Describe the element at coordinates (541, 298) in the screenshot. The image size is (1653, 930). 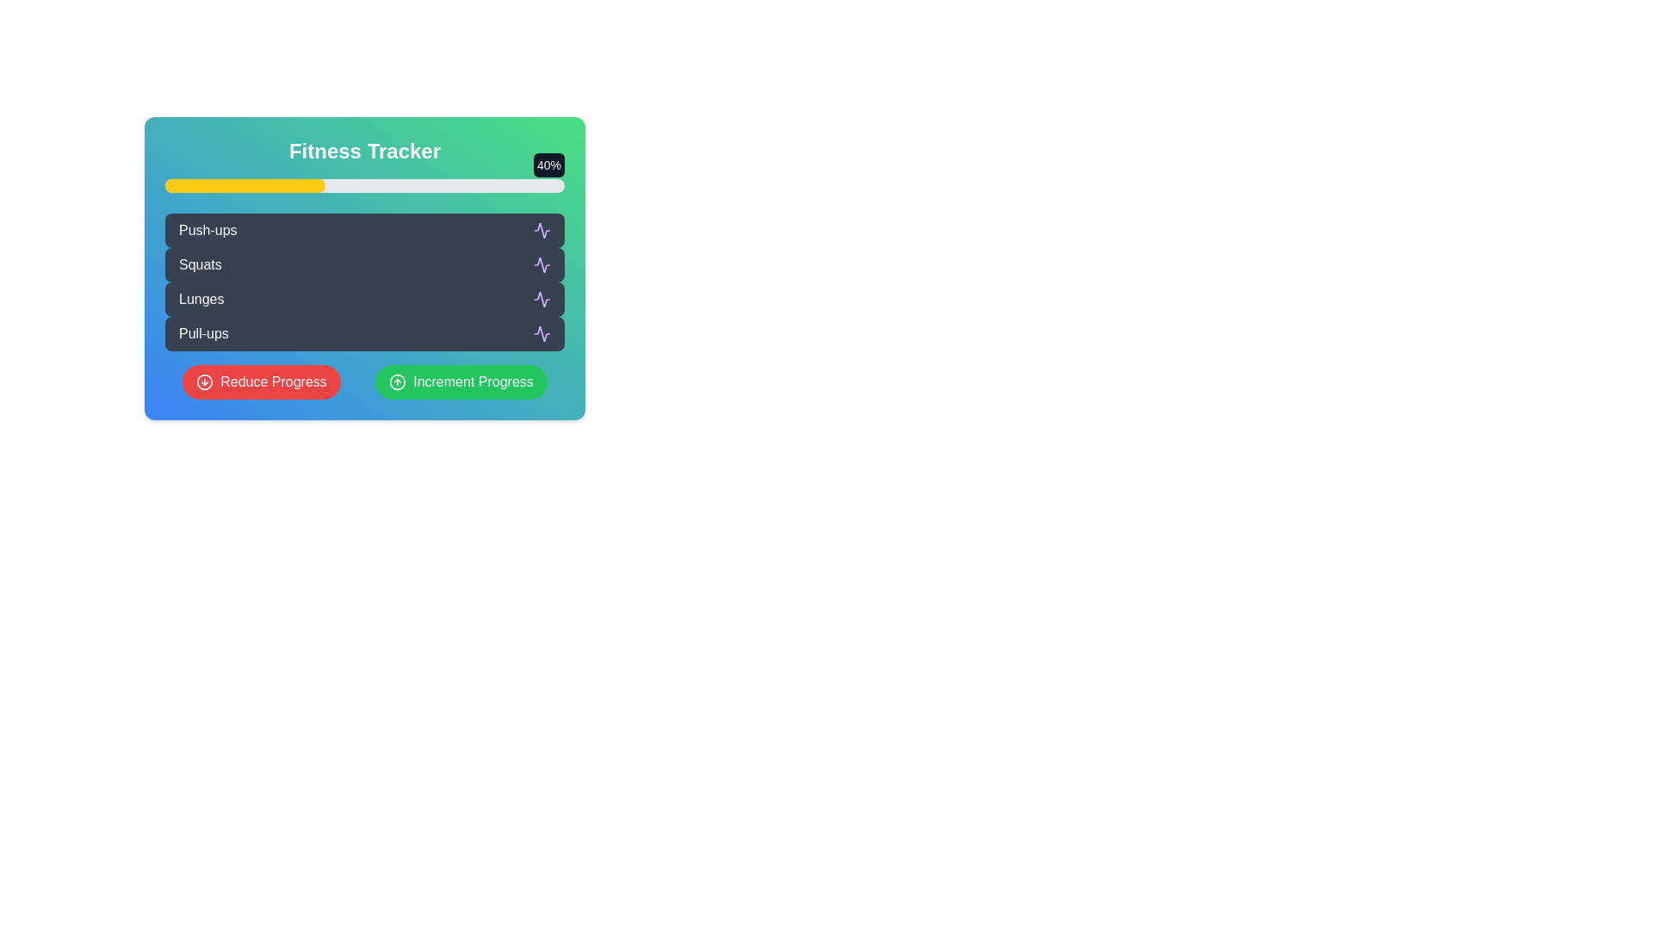
I see `the purple waveform icon in the third position of the list item labeled 'Lunges'` at that location.